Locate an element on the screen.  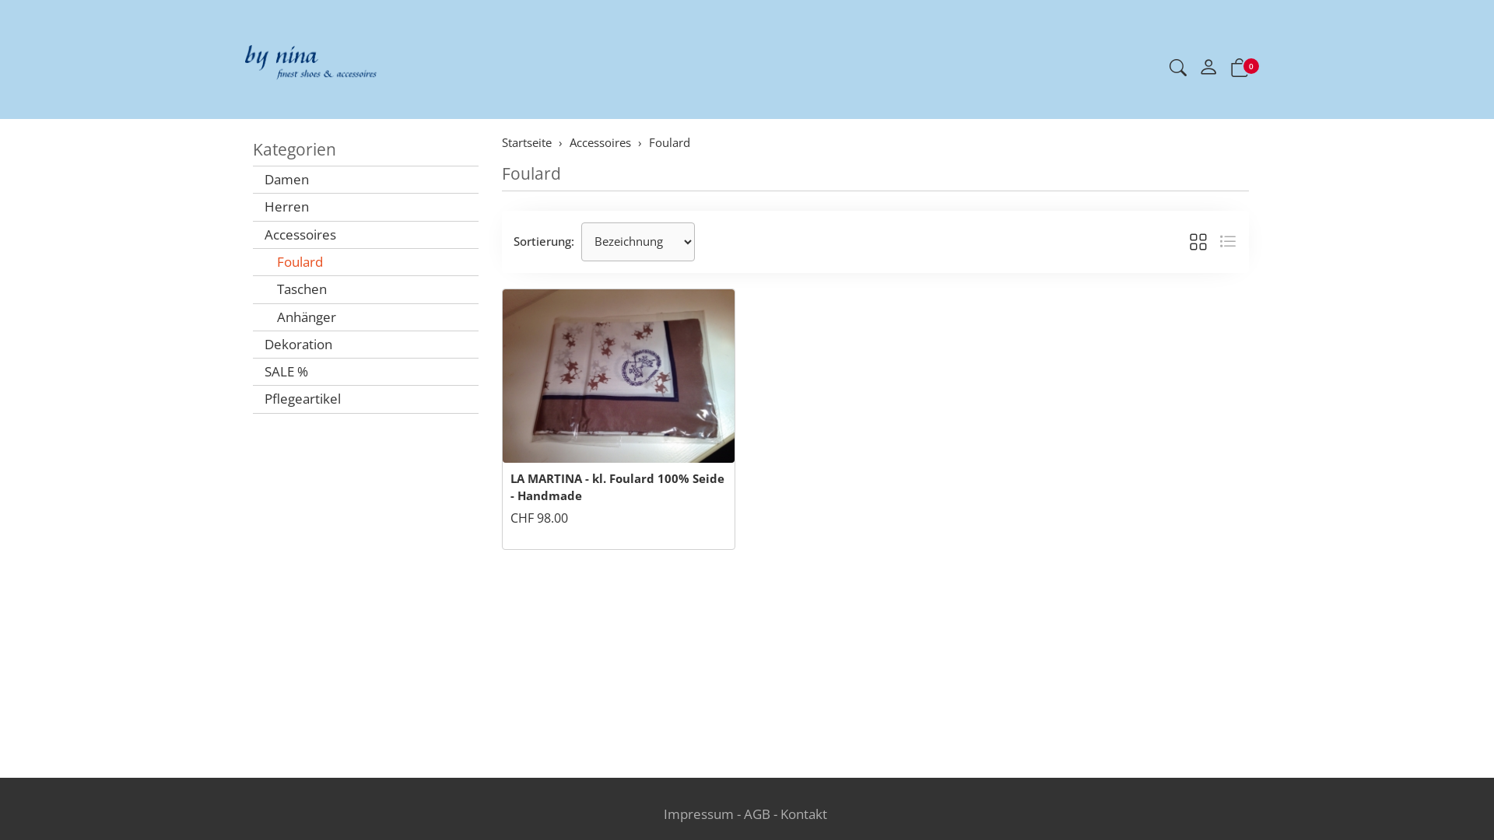
'Kachelansicht' is located at coordinates (1198, 242).